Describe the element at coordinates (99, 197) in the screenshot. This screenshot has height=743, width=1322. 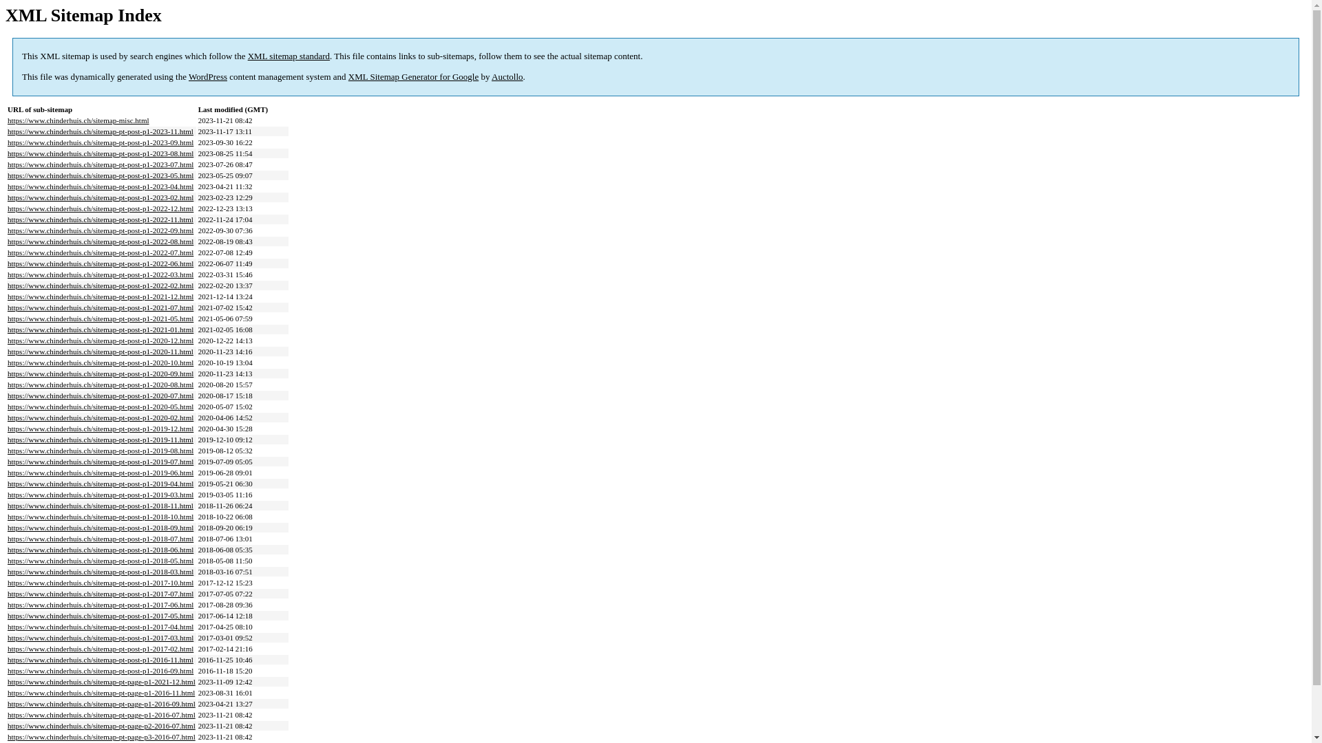
I see `'https://www.chinderhuis.ch/sitemap-pt-post-p1-2023-02.html'` at that location.